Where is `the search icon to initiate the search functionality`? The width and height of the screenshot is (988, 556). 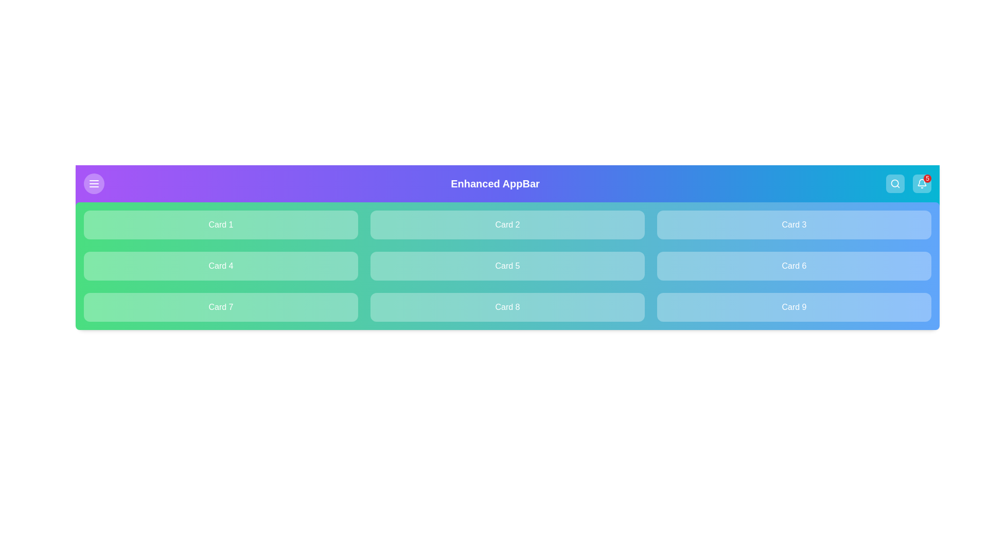 the search icon to initiate the search functionality is located at coordinates (894, 183).